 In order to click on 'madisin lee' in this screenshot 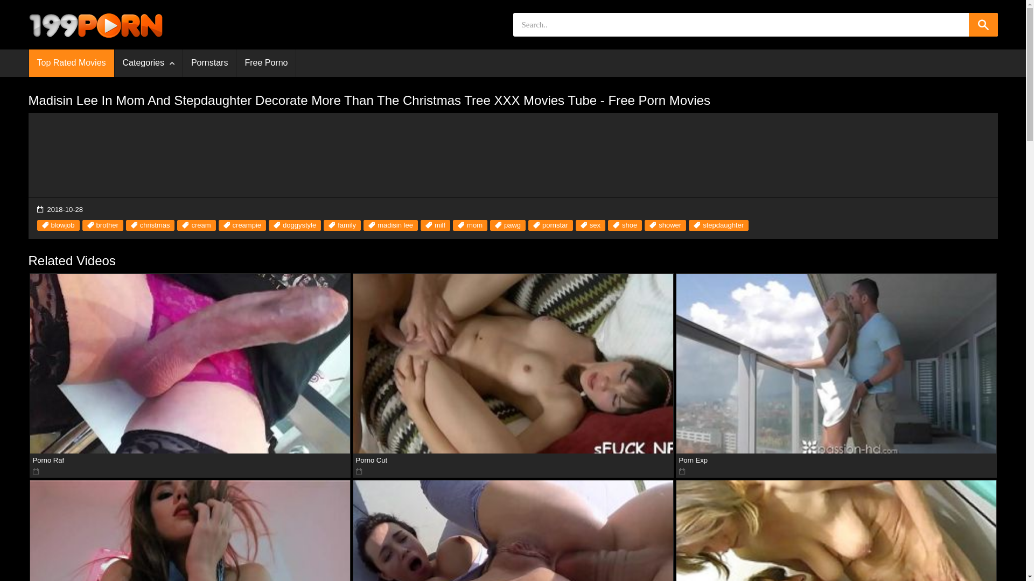, I will do `click(390, 225)`.